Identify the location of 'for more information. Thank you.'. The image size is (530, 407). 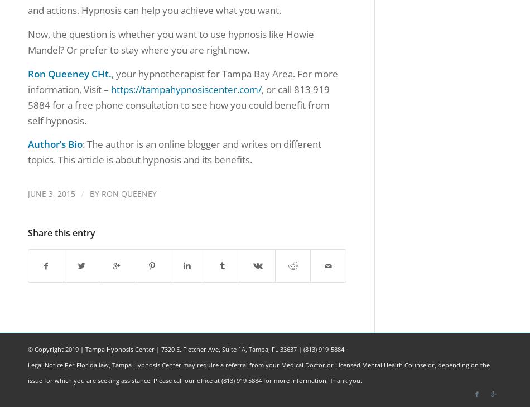
(311, 380).